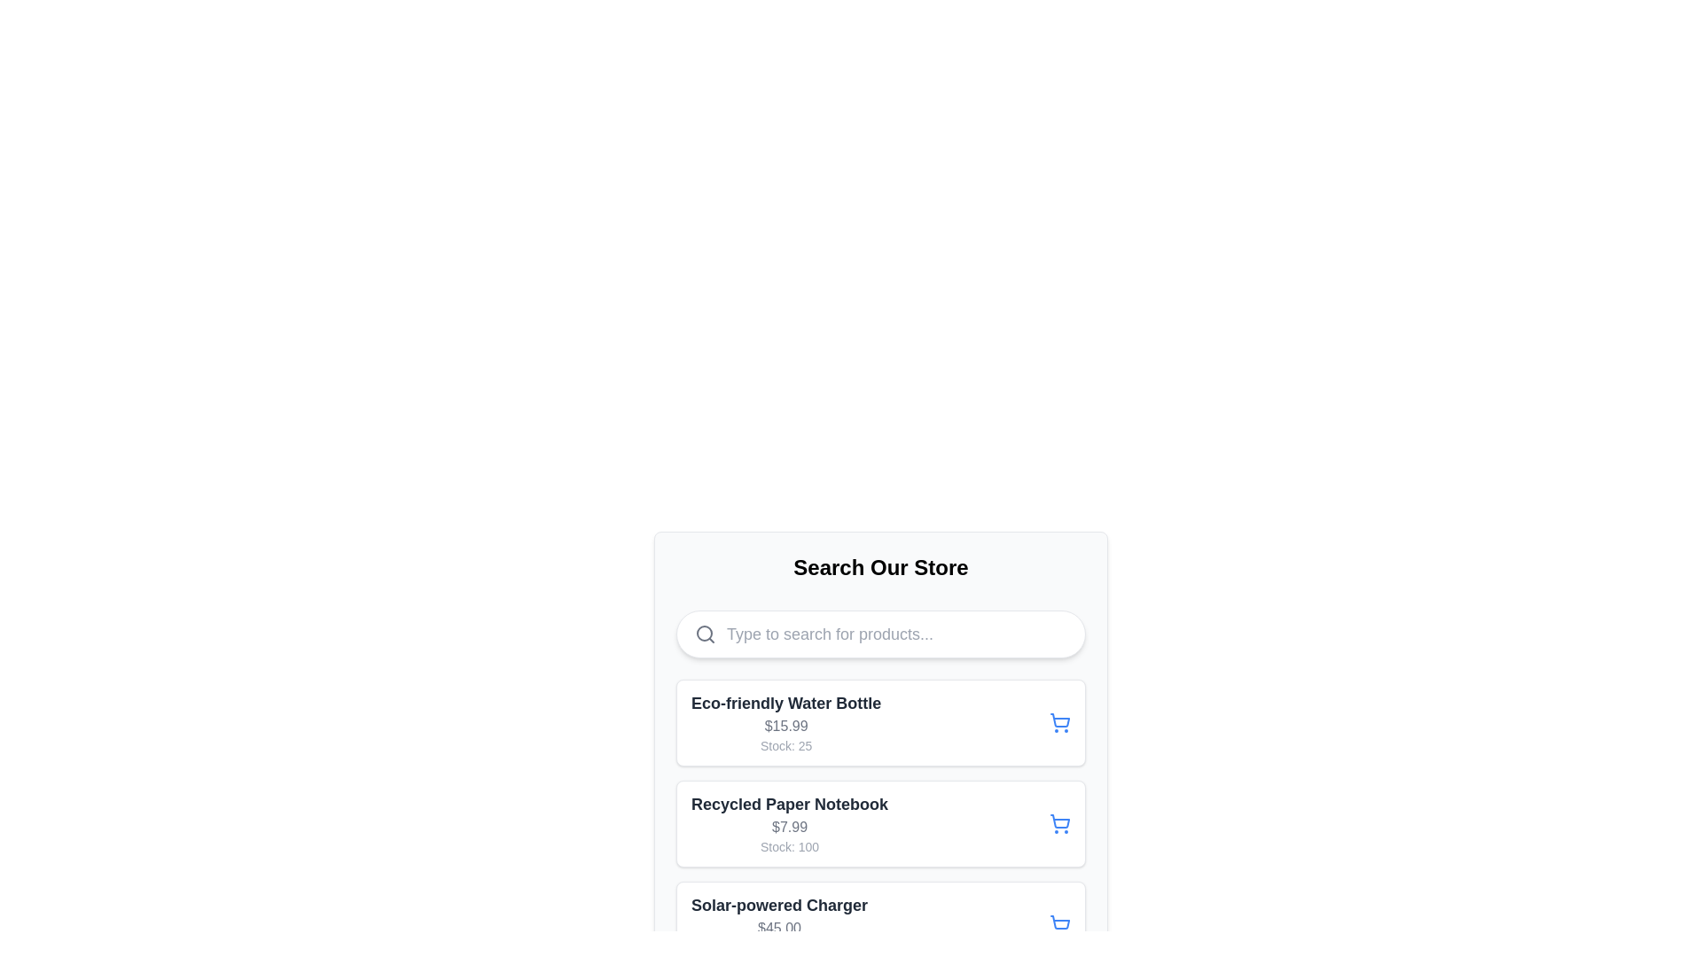 This screenshot has height=957, width=1702. Describe the element at coordinates (785, 727) in the screenshot. I see `the static text label displaying the price of the 'Eco-friendly Water Bottle', which is located directly below the product title` at that location.